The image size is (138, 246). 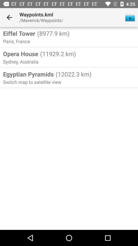 What do you see at coordinates (21, 61) in the screenshot?
I see `sydney, australia` at bounding box center [21, 61].